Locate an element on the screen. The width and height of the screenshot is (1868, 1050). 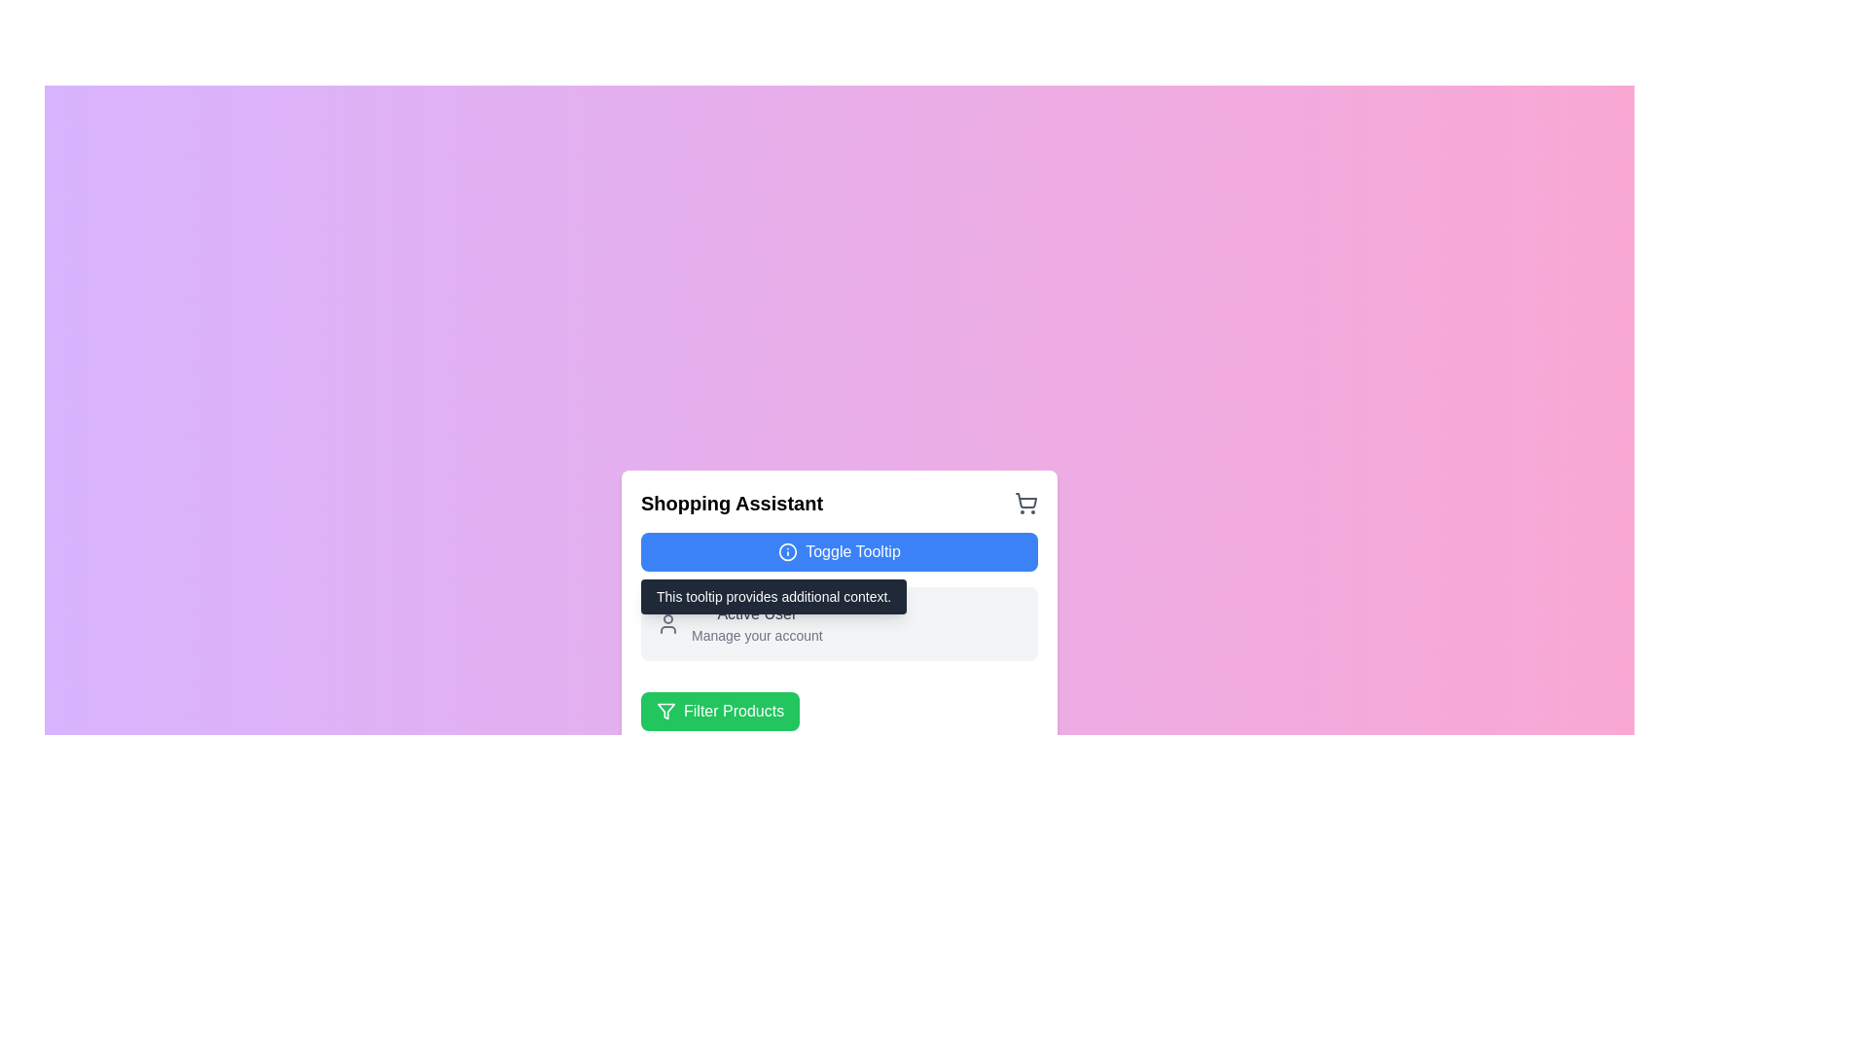
the informative section that identifies the current user status, located at the center bottom of the interface above the 'Filter Products' button is located at coordinates (840, 623).